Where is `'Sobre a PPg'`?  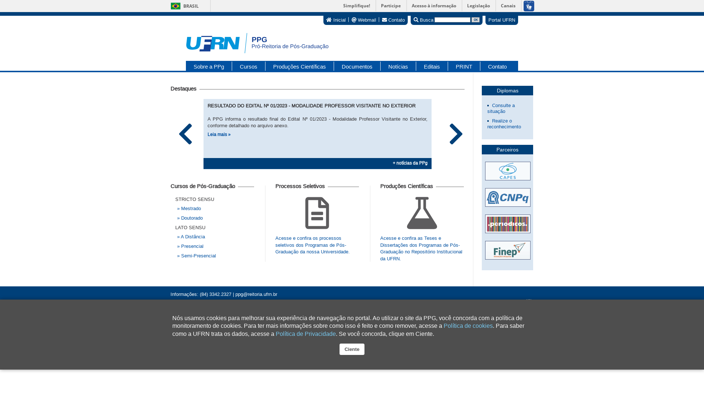
'Sobre a PPg' is located at coordinates (209, 66).